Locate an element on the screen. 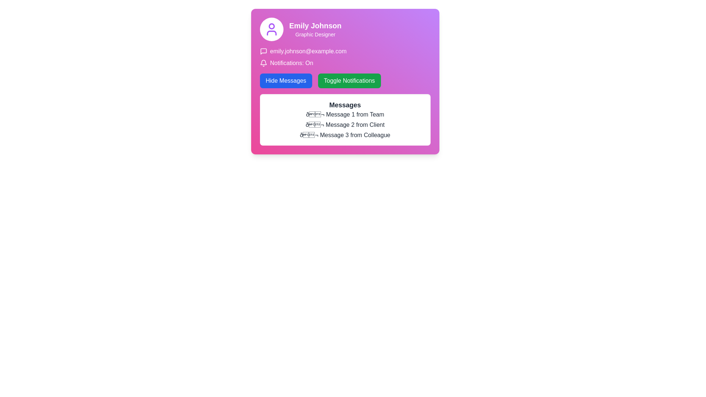  the circular element that is part of the user profile icon, located at the top left area of the card is located at coordinates (271, 26).